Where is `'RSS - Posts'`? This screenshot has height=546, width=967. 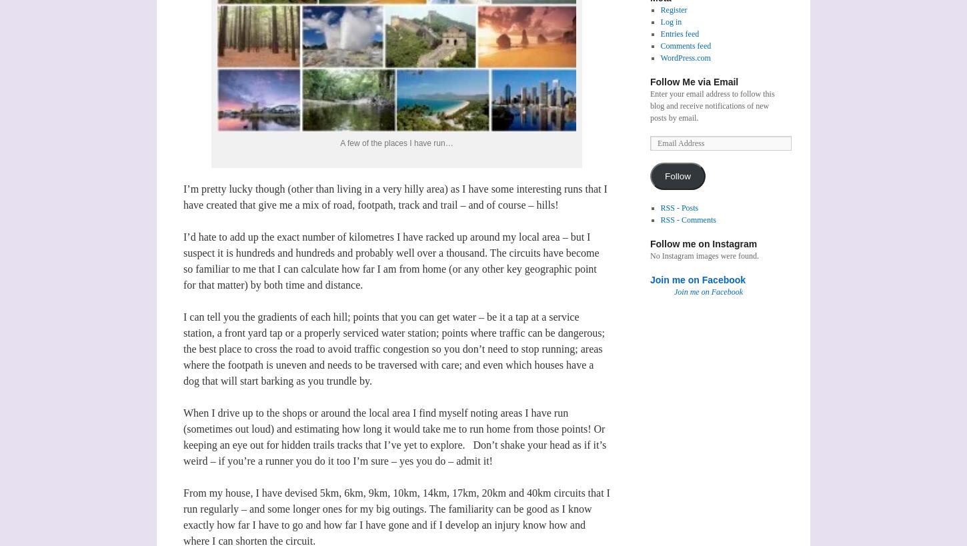 'RSS - Posts' is located at coordinates (660, 208).